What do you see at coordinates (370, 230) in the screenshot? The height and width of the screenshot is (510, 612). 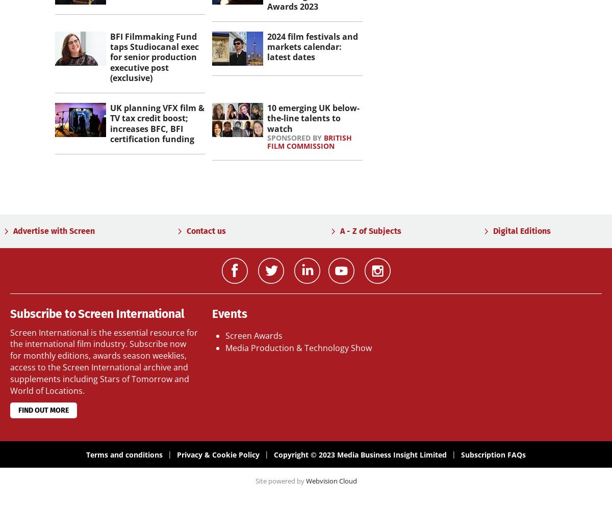 I see `'A - Z of Subjects'` at bounding box center [370, 230].